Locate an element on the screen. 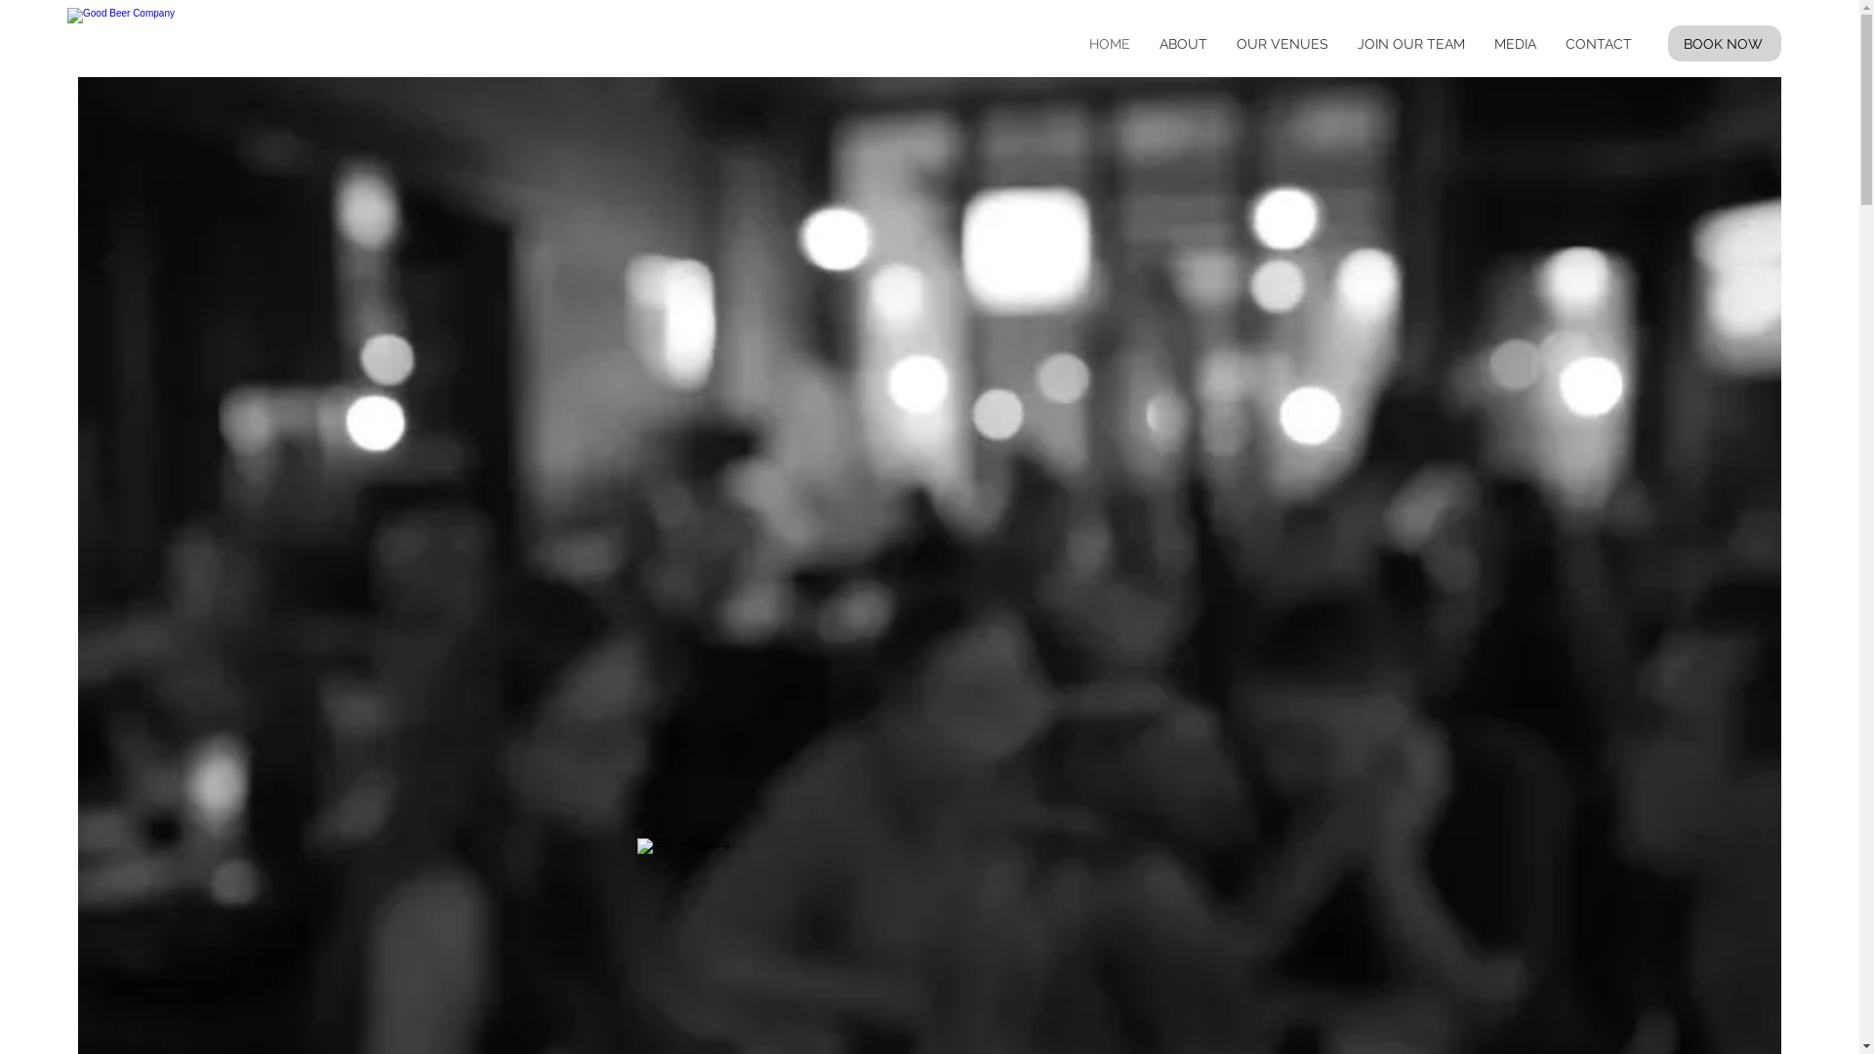 This screenshot has height=1054, width=1874. 'HOME' is located at coordinates (1110, 44).